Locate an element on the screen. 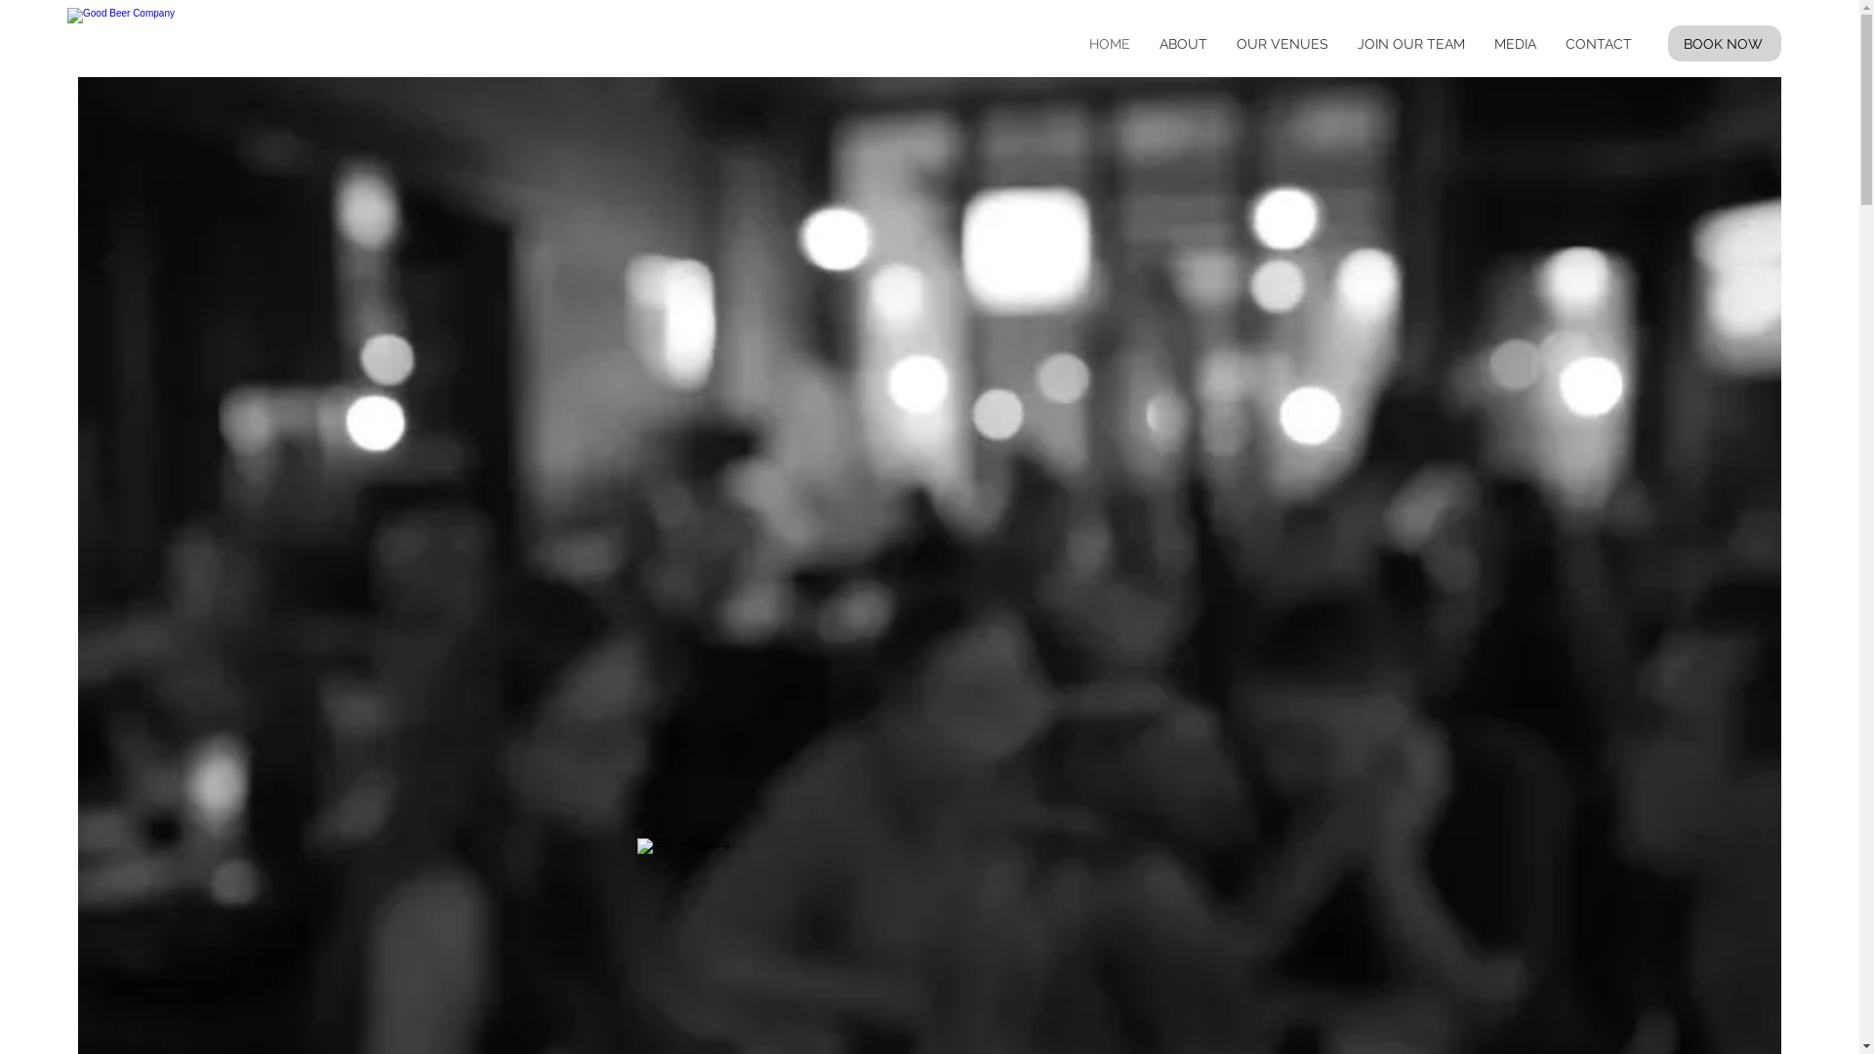 This screenshot has height=1054, width=1874. 'HOME' is located at coordinates (1110, 44).